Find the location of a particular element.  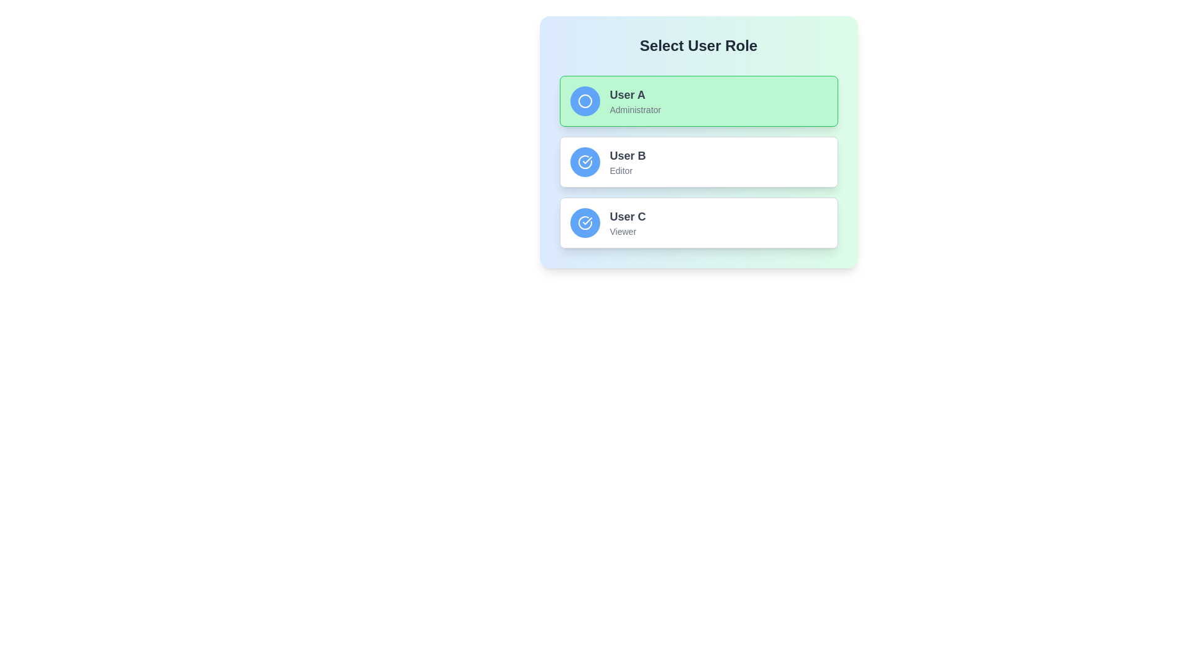

the visual indicator icon representing the 'User C' option for the 'Viewer' role, located within the circular icon of the third user card under the 'Select User Role' header is located at coordinates (587, 160).